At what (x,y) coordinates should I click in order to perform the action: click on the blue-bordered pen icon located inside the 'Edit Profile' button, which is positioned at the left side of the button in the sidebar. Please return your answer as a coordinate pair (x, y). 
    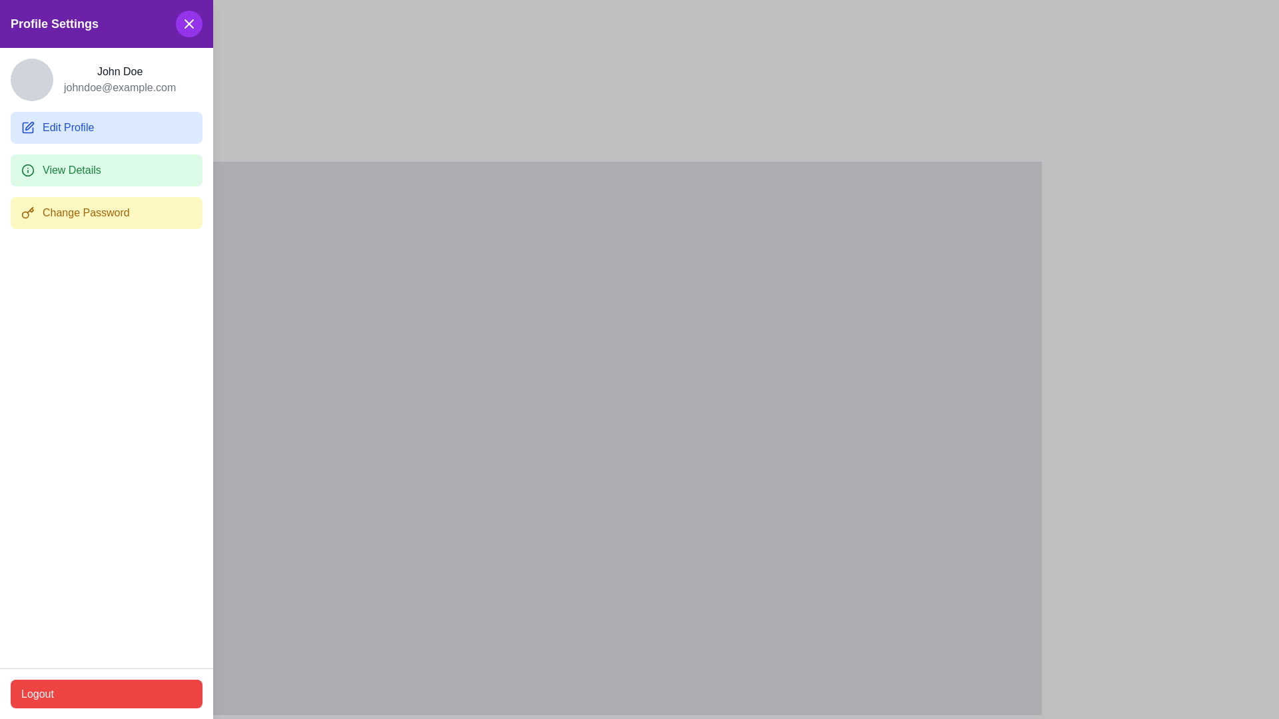
    Looking at the image, I should click on (28, 128).